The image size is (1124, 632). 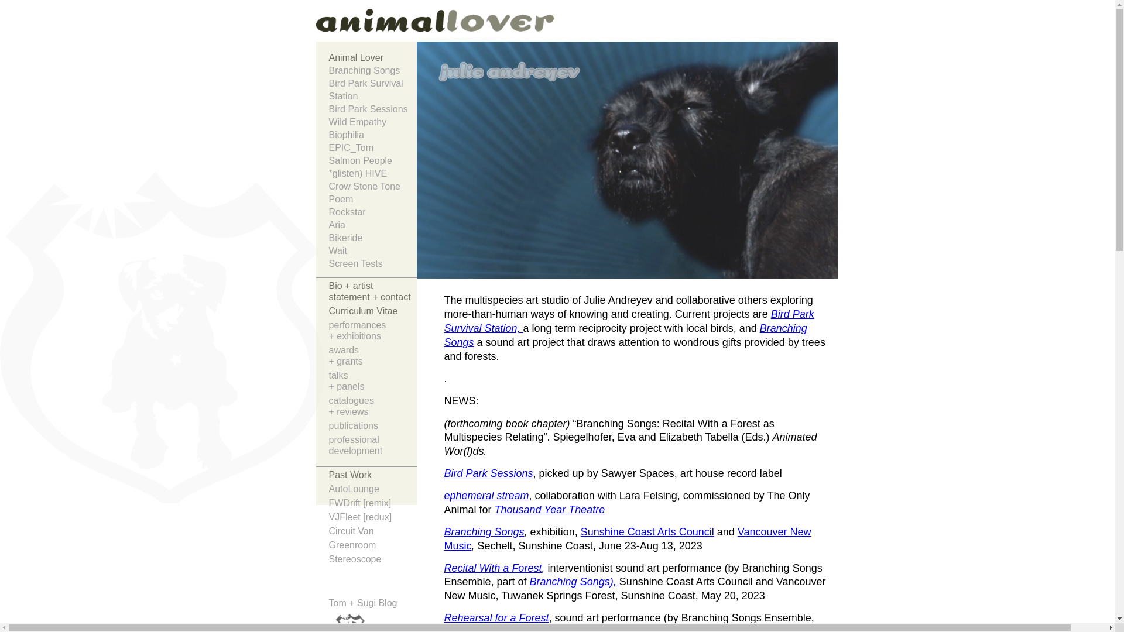 I want to click on 'Stereoscope', so click(x=372, y=559).